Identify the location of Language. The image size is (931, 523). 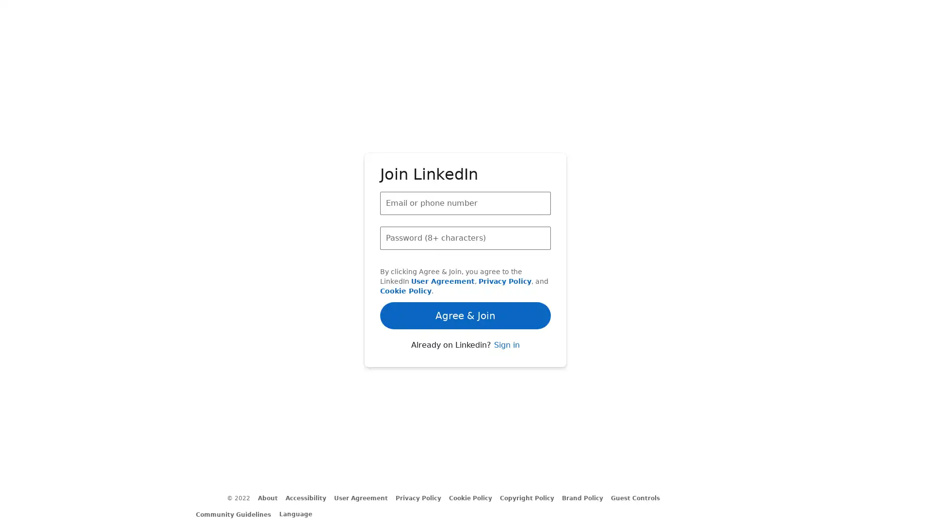
(300, 513).